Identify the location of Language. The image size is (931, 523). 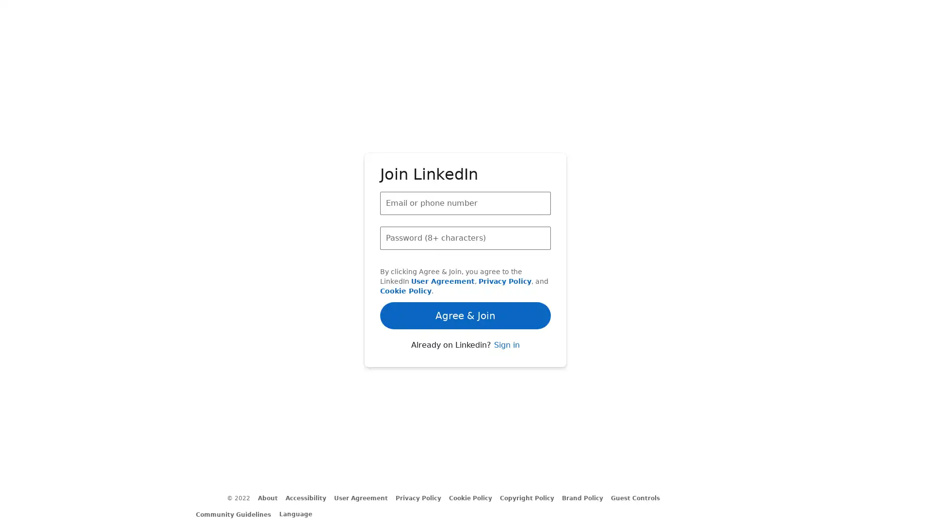
(300, 513).